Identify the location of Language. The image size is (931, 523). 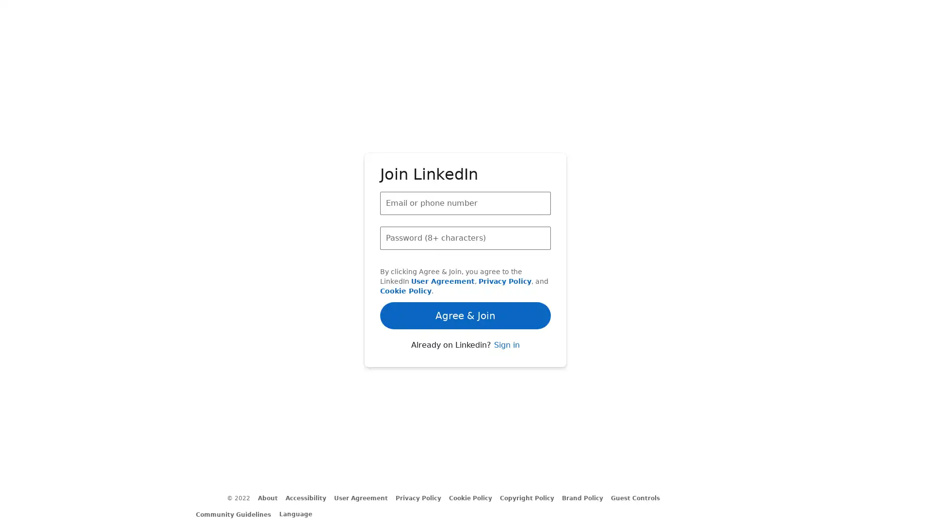
(300, 513).